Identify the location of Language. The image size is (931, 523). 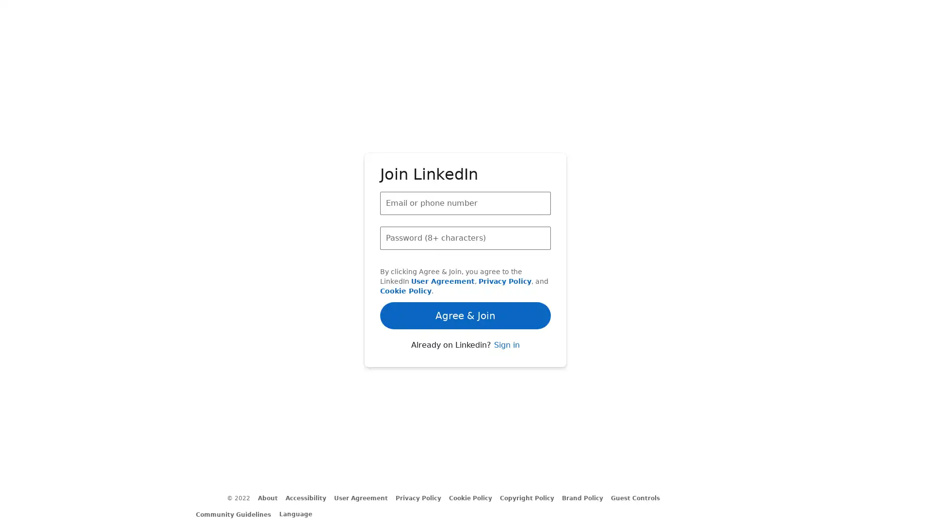
(300, 513).